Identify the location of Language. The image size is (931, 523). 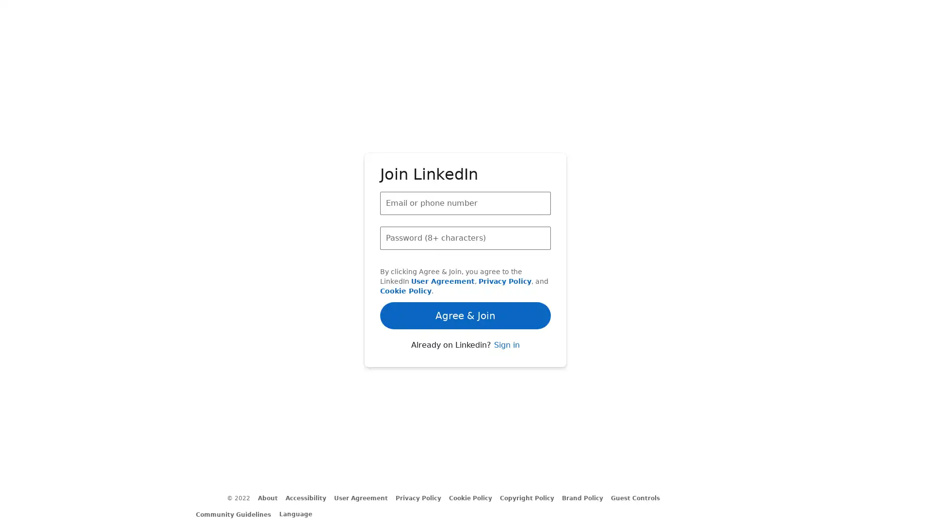
(300, 513).